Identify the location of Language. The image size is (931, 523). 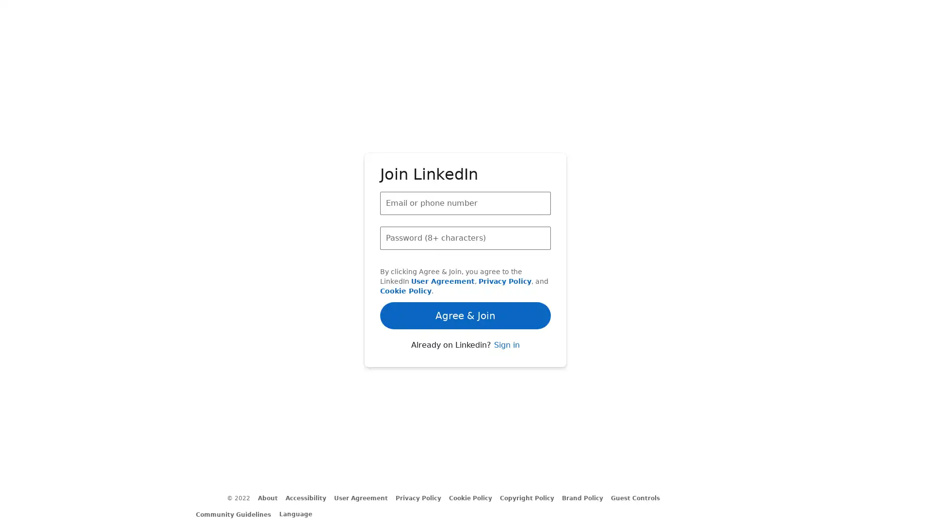
(300, 513).